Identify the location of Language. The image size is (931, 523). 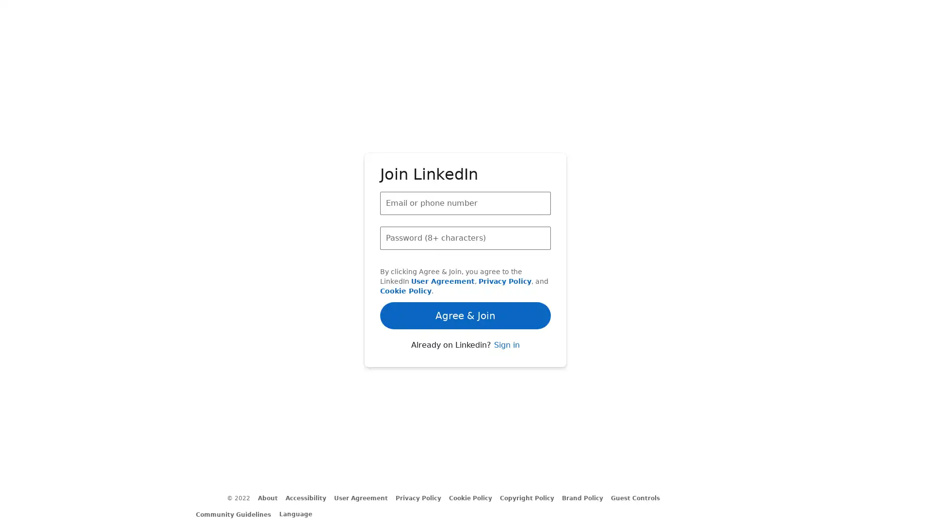
(300, 513).